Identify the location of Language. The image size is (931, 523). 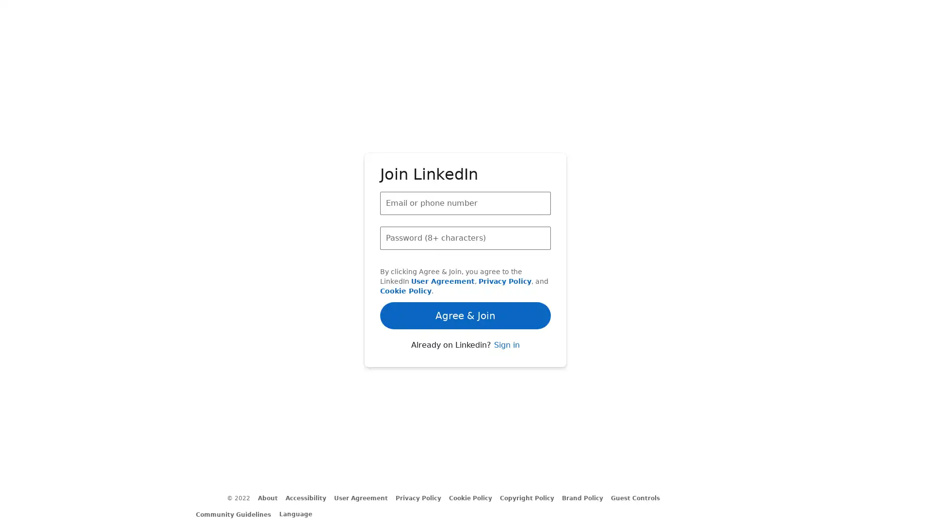
(300, 513).